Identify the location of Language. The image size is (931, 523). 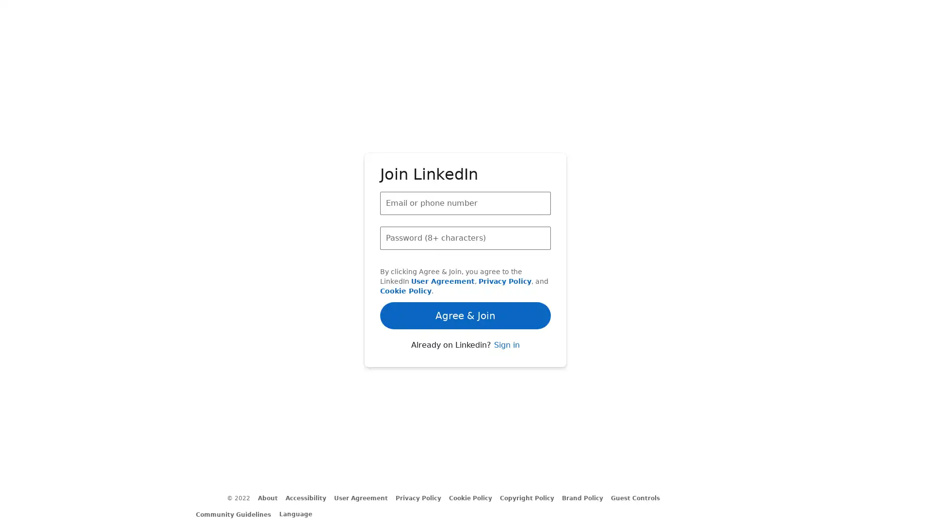
(300, 513).